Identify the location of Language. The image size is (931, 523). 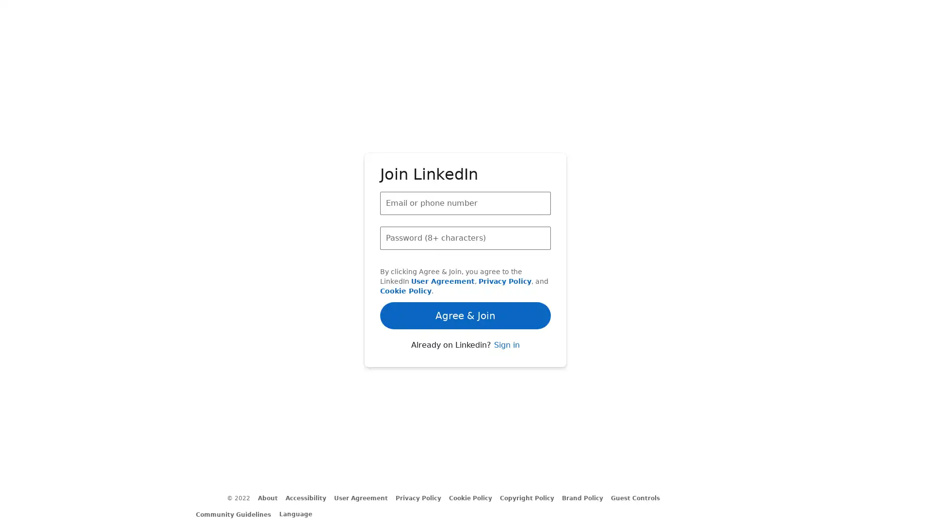
(300, 513).